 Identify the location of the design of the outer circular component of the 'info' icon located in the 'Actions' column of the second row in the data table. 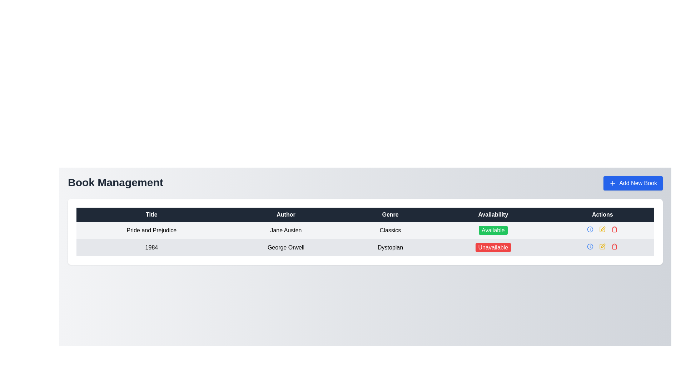
(590, 229).